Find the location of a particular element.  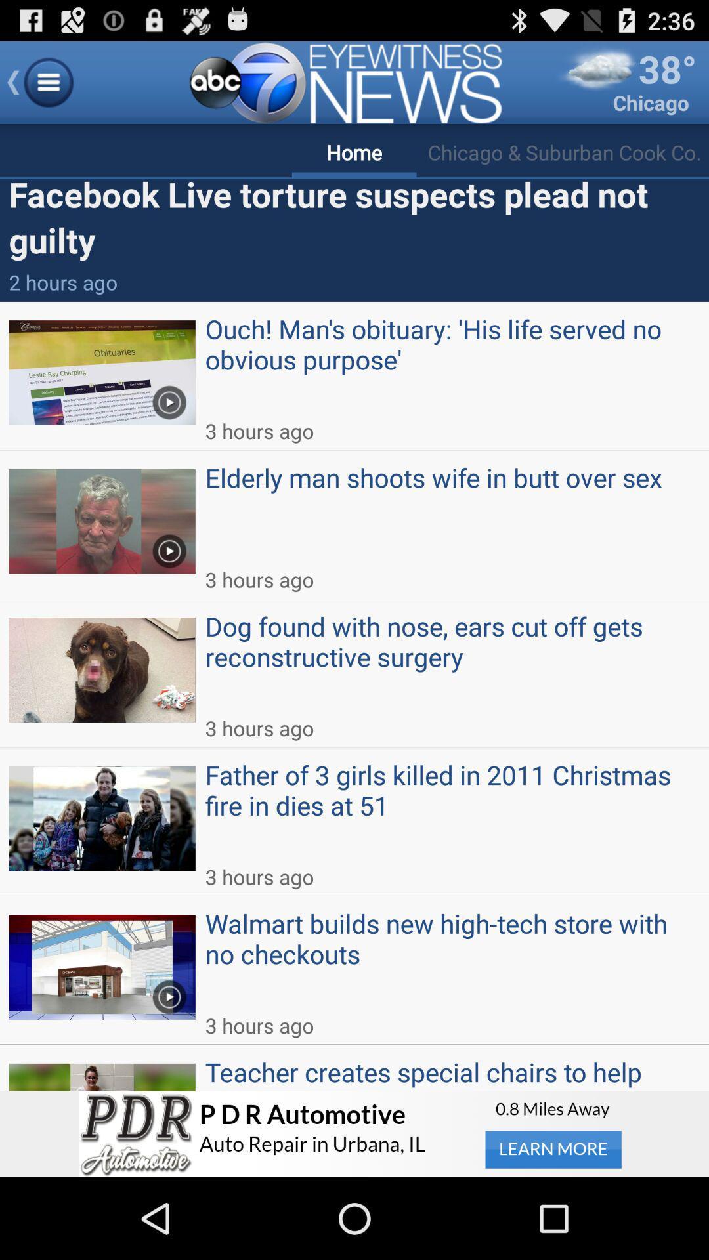

38 degrees chicago which is at top right side of the page is located at coordinates (626, 81).